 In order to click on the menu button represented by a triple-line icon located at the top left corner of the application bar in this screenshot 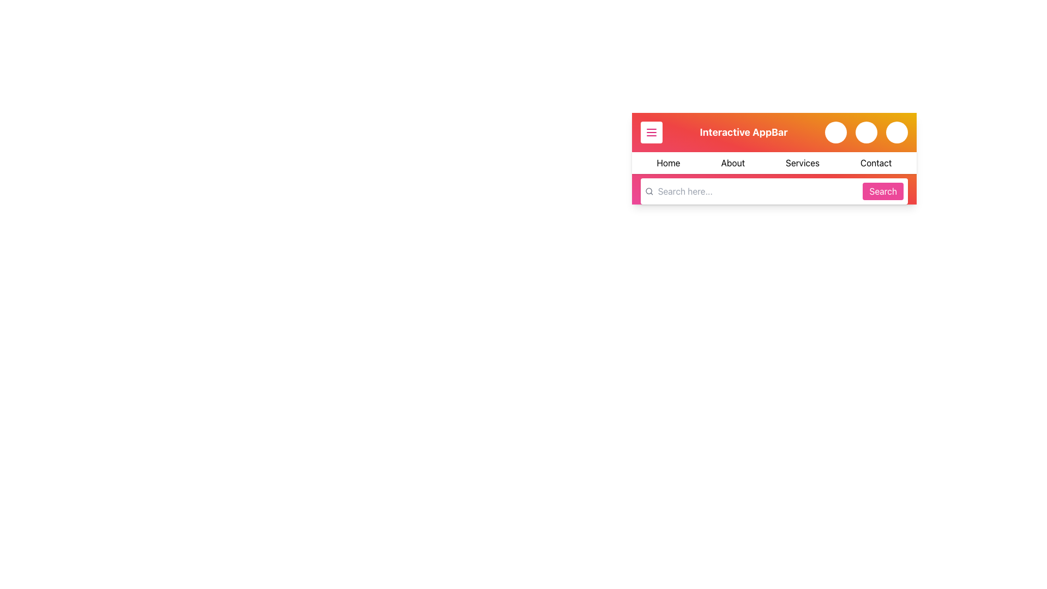, I will do `click(652, 132)`.